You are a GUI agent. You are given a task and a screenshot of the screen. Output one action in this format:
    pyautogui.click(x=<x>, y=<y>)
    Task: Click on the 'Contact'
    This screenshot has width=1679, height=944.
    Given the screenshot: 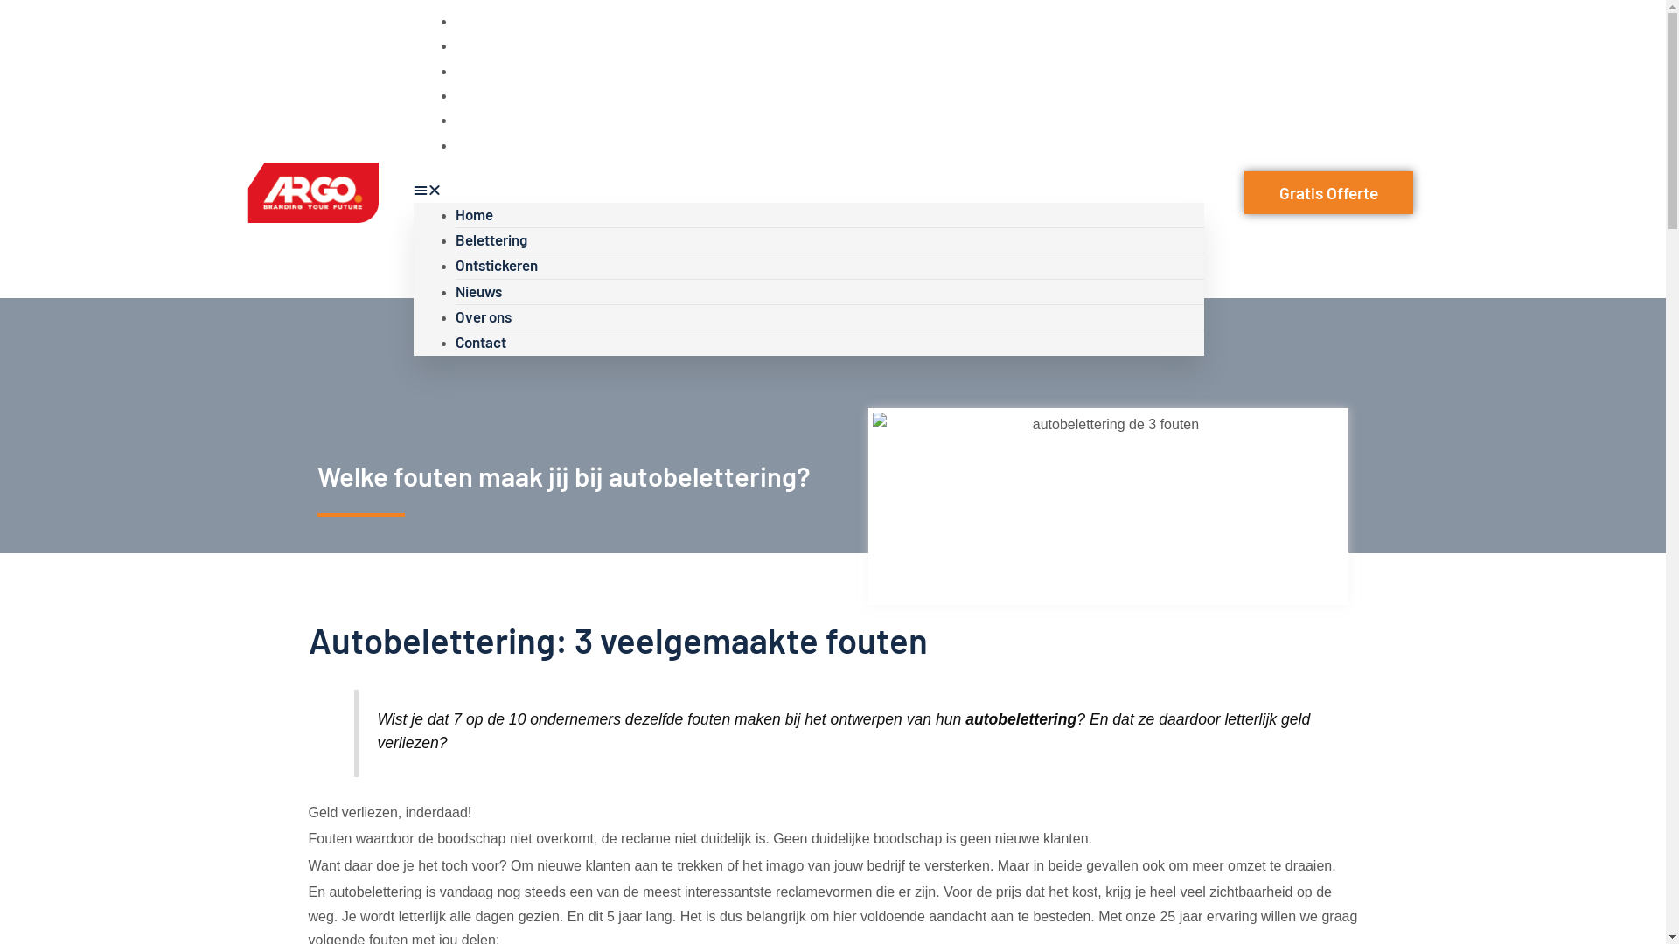 What is the action you would take?
    pyautogui.click(x=479, y=341)
    